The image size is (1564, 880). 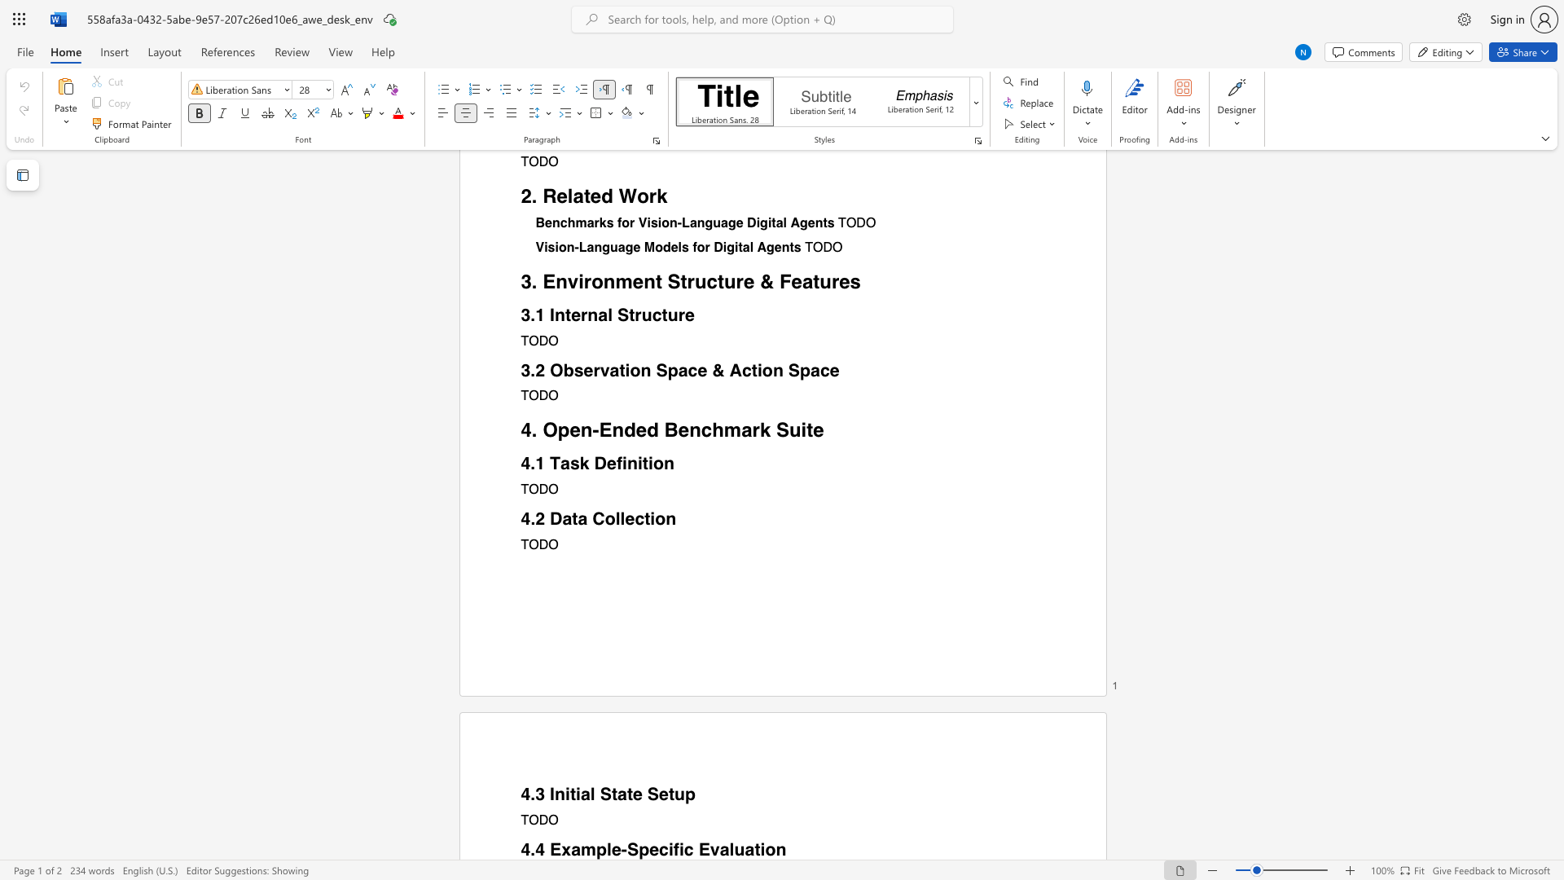 I want to click on the subset text "ample-Specific Eva" within the text "4.4 Example-Specific Evaluation", so click(x=571, y=849).